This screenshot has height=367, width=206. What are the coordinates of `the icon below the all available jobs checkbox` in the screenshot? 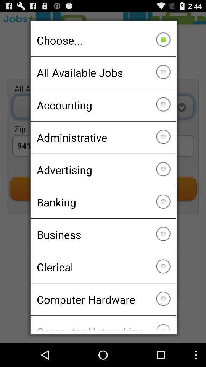 It's located at (103, 104).